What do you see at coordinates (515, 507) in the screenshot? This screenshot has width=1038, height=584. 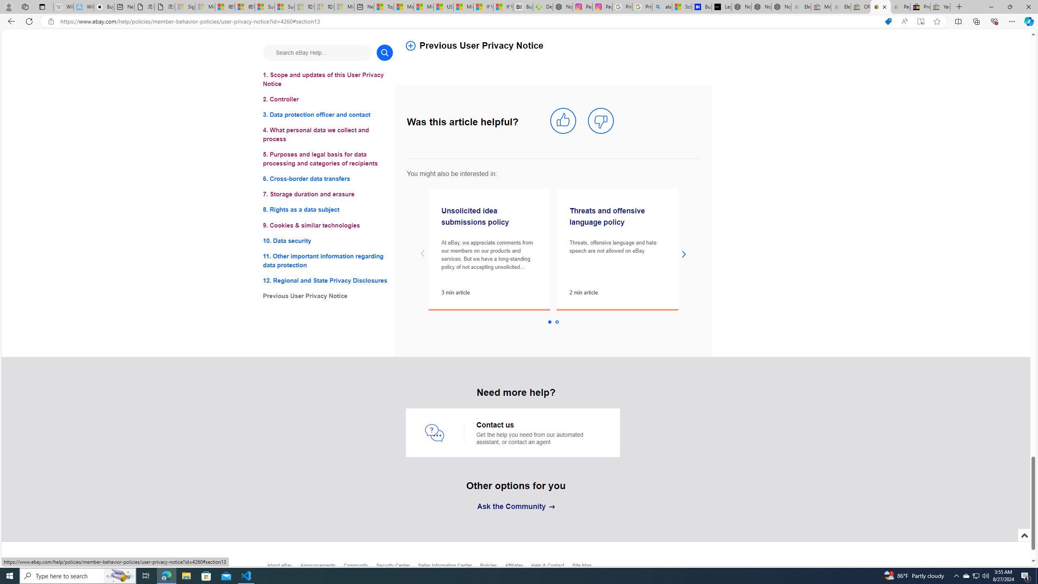 I see `'Ask the Community - opens in new window or tab'` at bounding box center [515, 507].